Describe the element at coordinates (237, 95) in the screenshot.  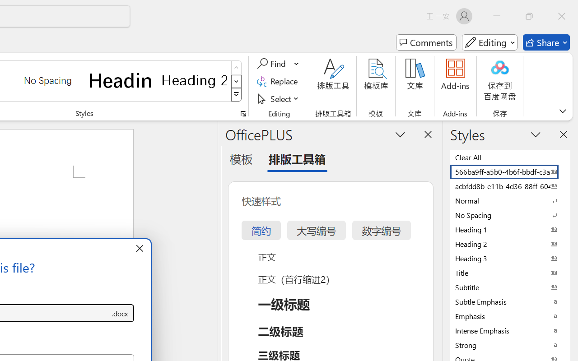
I see `'Class: NetUIImage'` at that location.